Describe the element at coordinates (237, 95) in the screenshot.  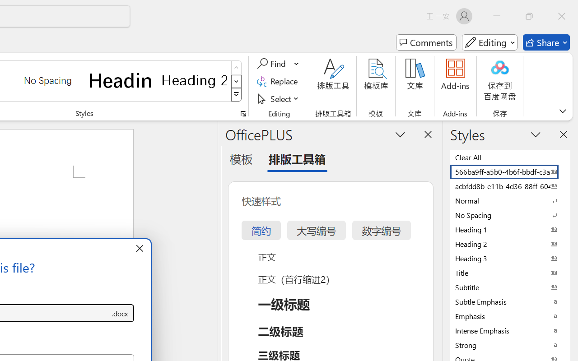
I see `'Class: NetUIImage'` at that location.